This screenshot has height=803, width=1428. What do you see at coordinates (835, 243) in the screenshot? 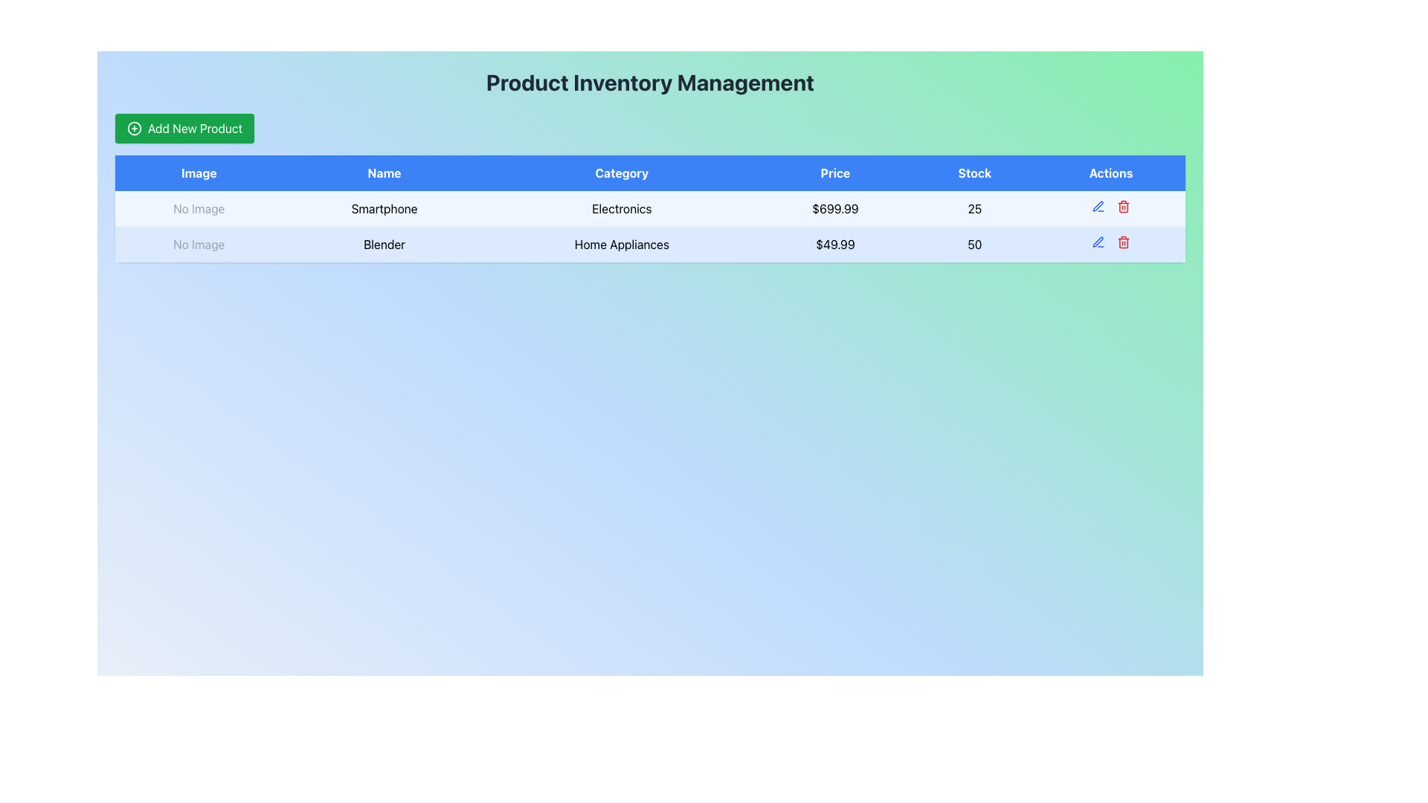
I see `the price information text label for the product 'Blender', located in the fifth column of the second row in the table layout` at bounding box center [835, 243].